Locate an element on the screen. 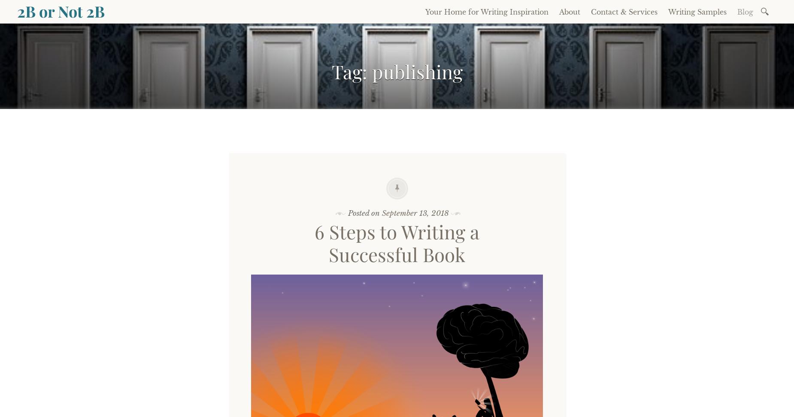 The height and width of the screenshot is (417, 794). 'publishing' is located at coordinates (416, 71).